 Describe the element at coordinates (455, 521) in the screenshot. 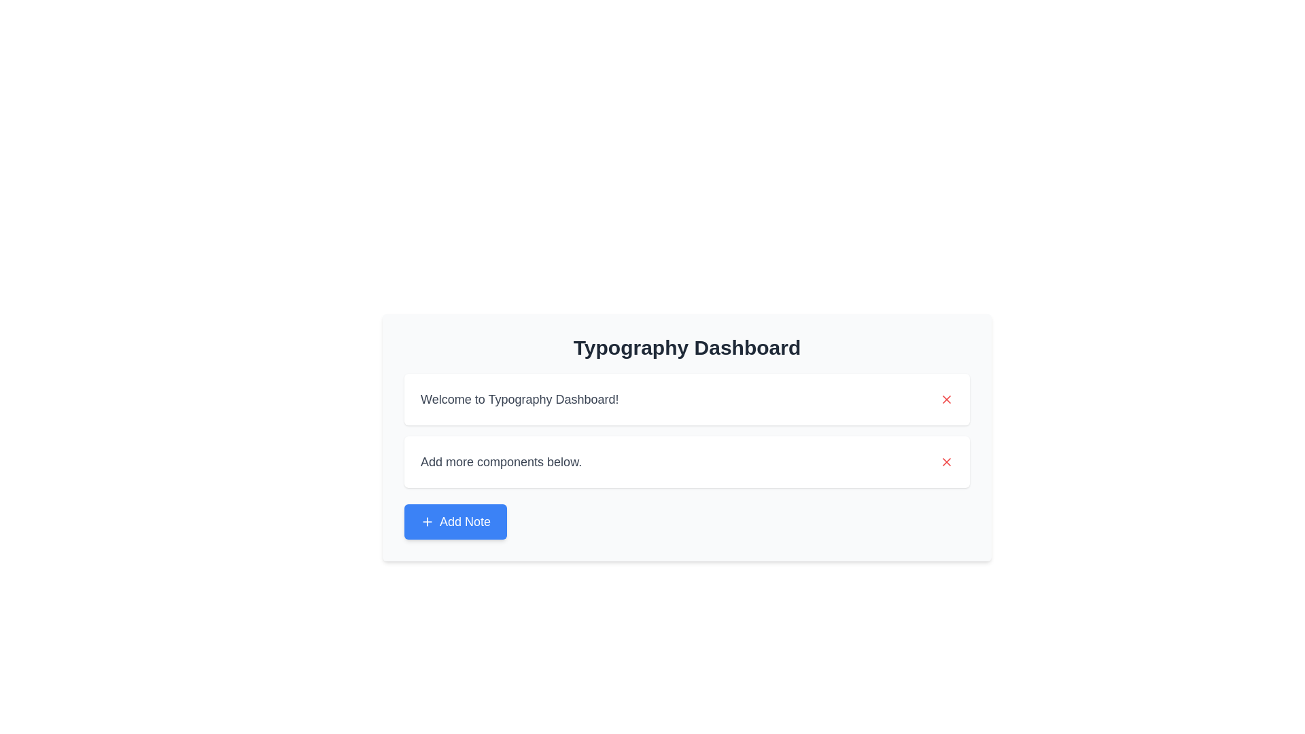

I see `the rectangular blue button labeled 'Add Note' with a plus icon, located at the bottom of the 'Typography Dashboard' section` at that location.